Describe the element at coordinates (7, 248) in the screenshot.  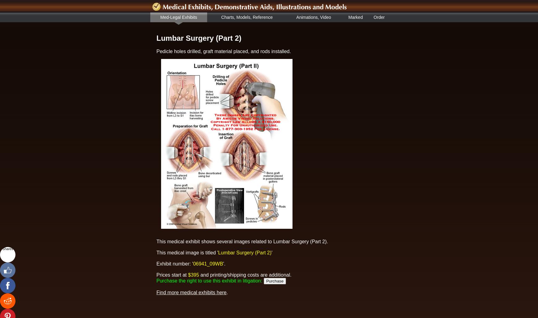
I see `'Shares'` at that location.